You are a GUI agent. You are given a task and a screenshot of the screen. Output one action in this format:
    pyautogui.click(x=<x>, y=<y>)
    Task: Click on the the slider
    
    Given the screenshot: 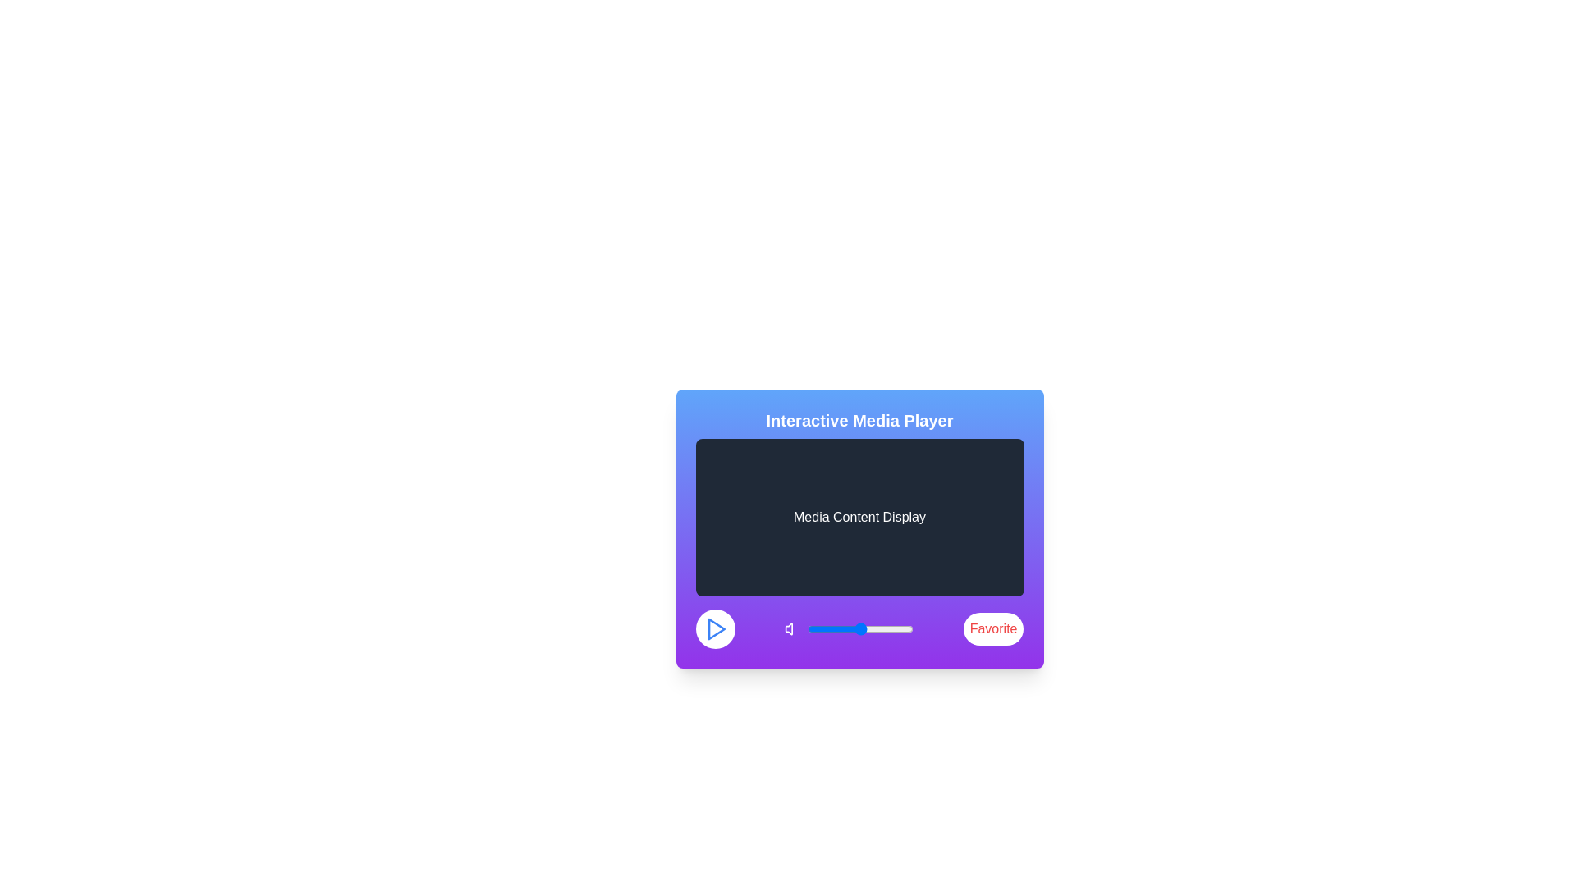 What is the action you would take?
    pyautogui.click(x=841, y=628)
    